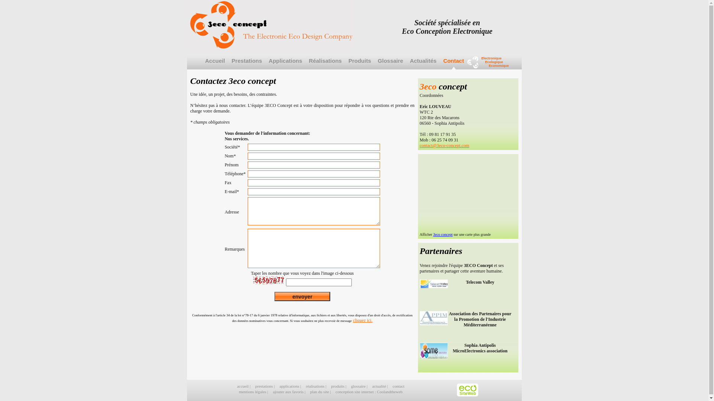 The height and width of the screenshot is (401, 714). Describe the element at coordinates (265, 386) in the screenshot. I see `'prestations |'` at that location.